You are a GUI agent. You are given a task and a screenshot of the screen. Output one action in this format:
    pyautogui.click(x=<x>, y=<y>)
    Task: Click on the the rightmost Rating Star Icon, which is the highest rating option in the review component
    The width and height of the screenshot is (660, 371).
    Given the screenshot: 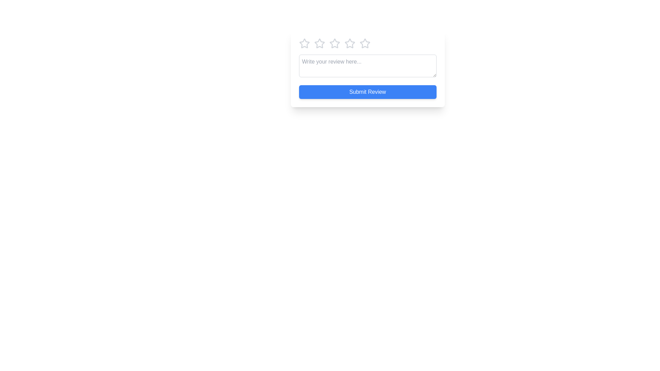 What is the action you would take?
    pyautogui.click(x=364, y=44)
    